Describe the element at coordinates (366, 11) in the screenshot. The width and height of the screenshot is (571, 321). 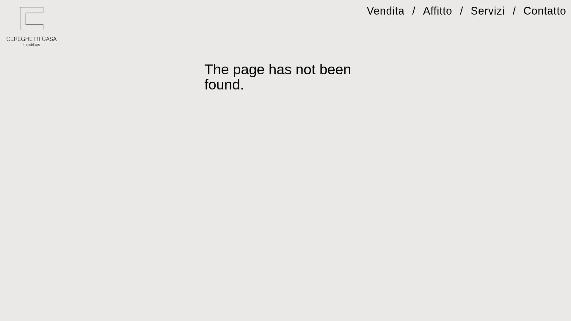
I see `'Vendita'` at that location.